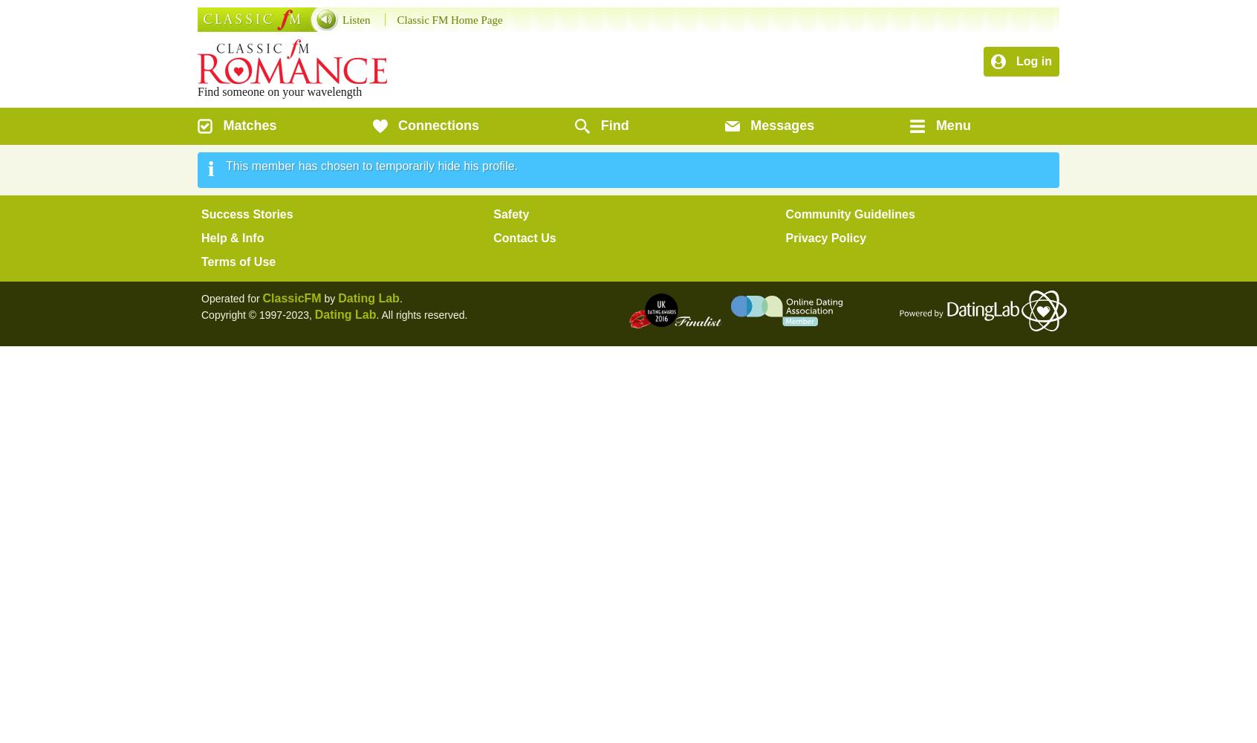 Image resolution: width=1257 pixels, height=743 pixels. Describe the element at coordinates (237, 261) in the screenshot. I see `'Terms of Use'` at that location.